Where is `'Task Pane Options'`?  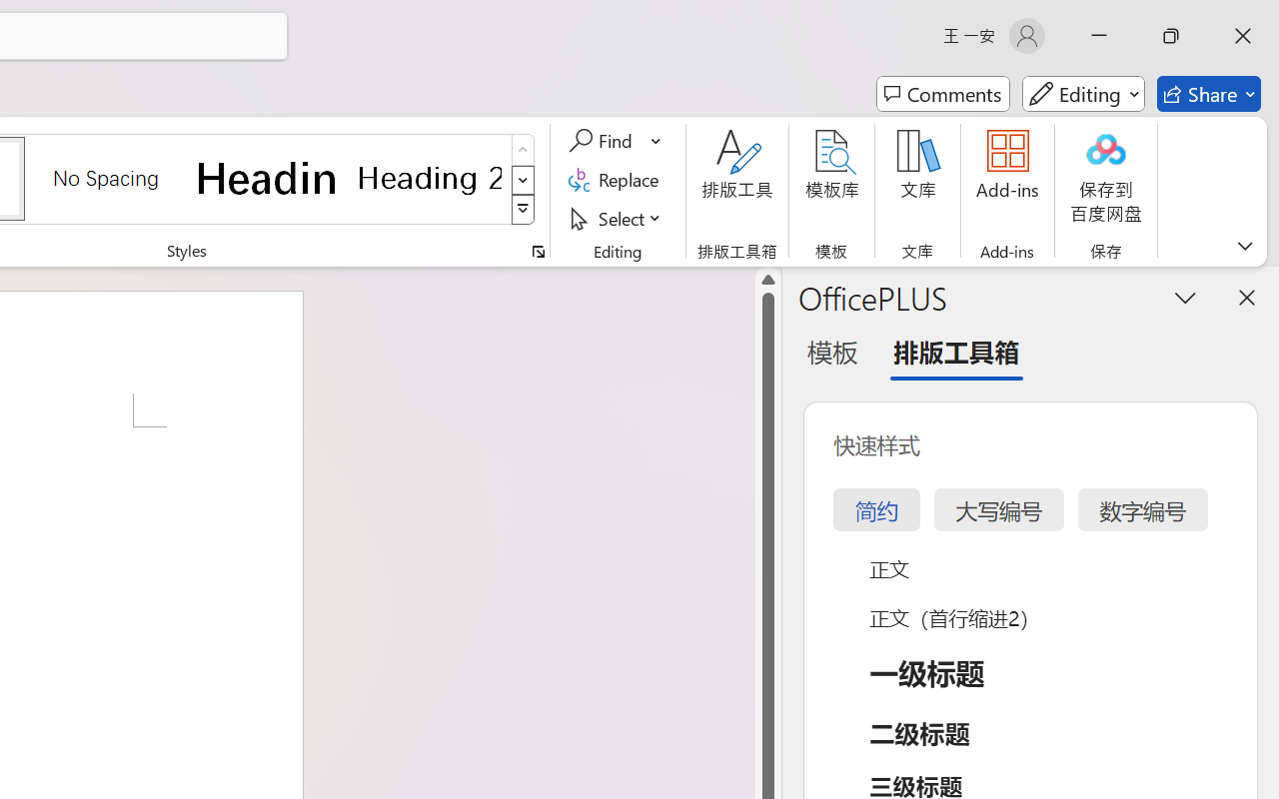
'Task Pane Options' is located at coordinates (1186, 297).